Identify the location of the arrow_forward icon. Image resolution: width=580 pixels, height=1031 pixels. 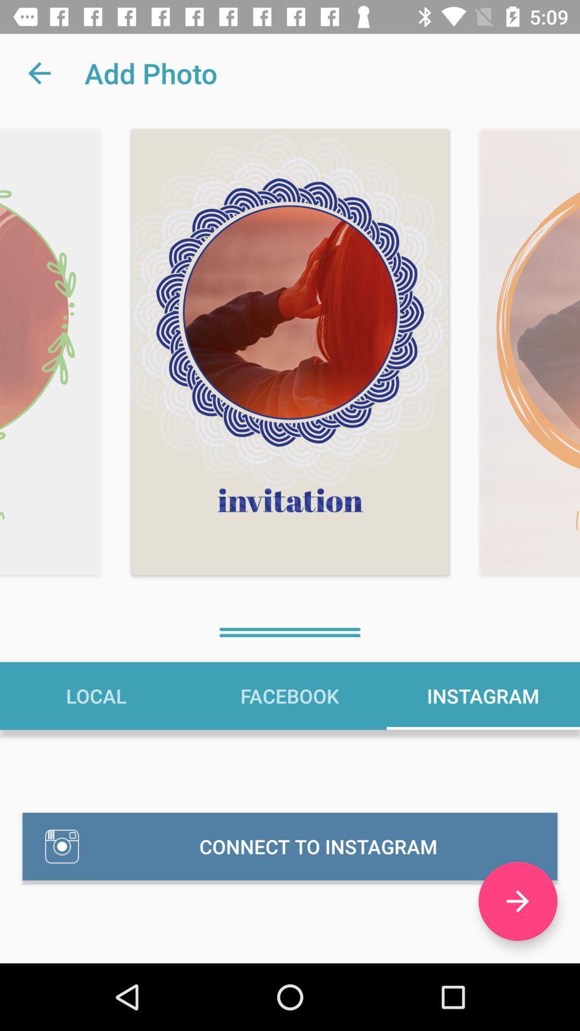
(517, 901).